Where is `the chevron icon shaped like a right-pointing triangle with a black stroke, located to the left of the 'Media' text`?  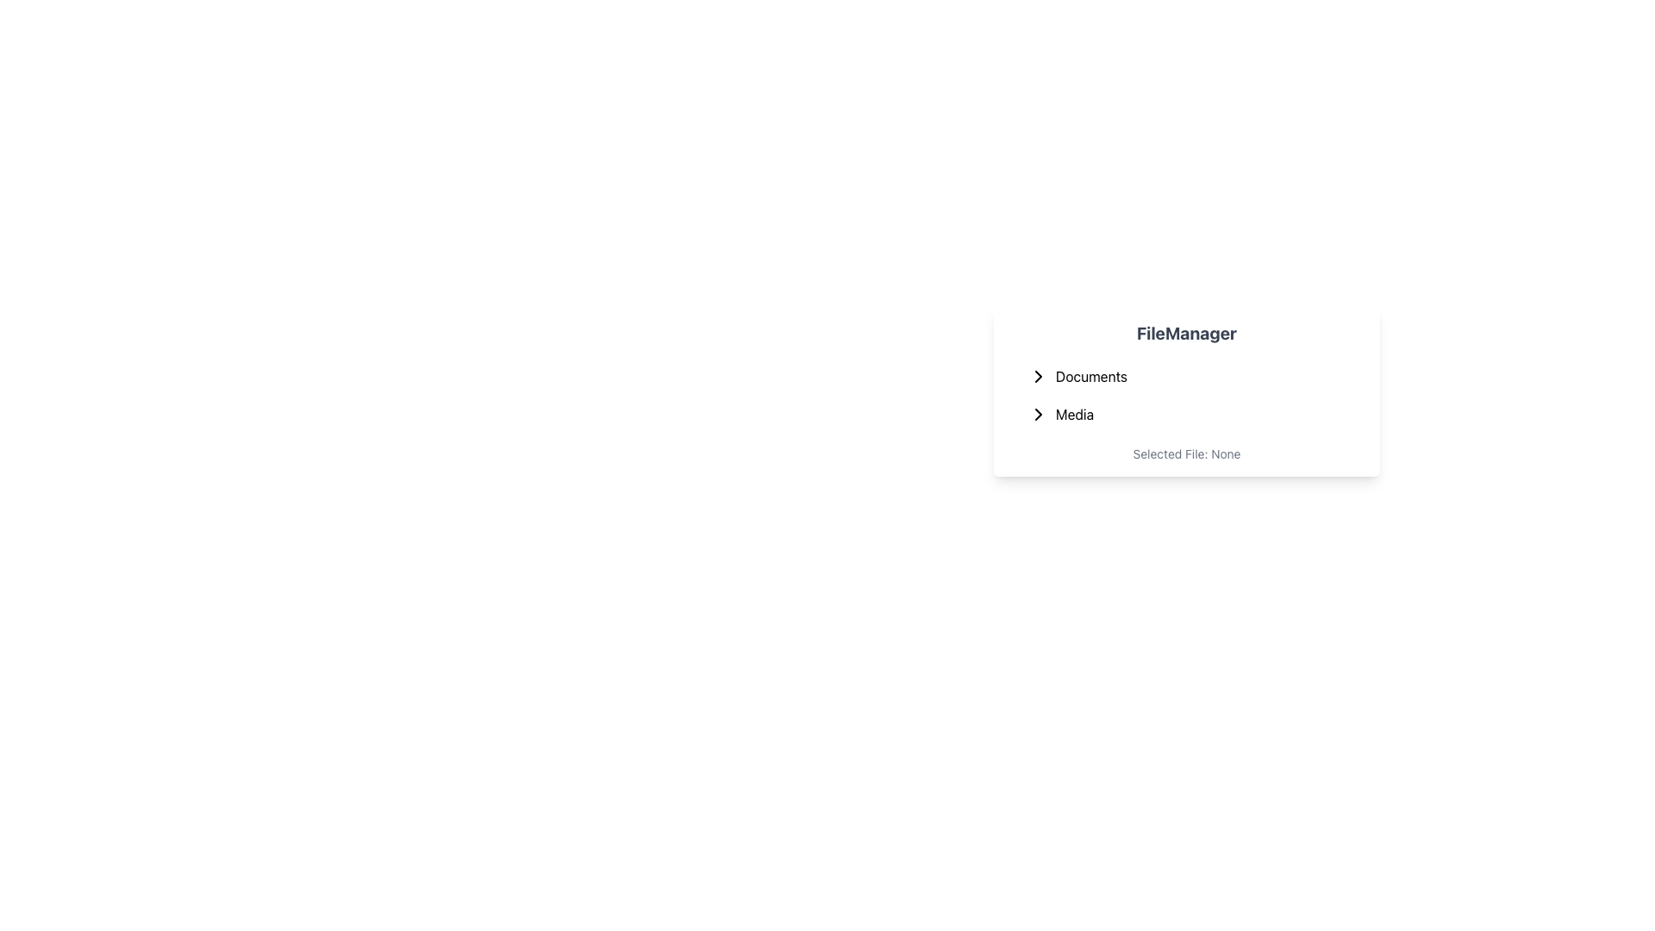 the chevron icon shaped like a right-pointing triangle with a black stroke, located to the left of the 'Media' text is located at coordinates (1037, 415).